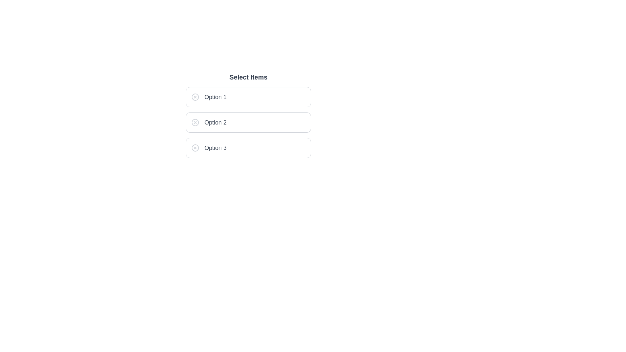 The width and height of the screenshot is (626, 352). What do you see at coordinates (195, 148) in the screenshot?
I see `the circular outline element with a diameter of approximately 20px that is part of the third selectable option row labeled 'Option 3'` at bounding box center [195, 148].